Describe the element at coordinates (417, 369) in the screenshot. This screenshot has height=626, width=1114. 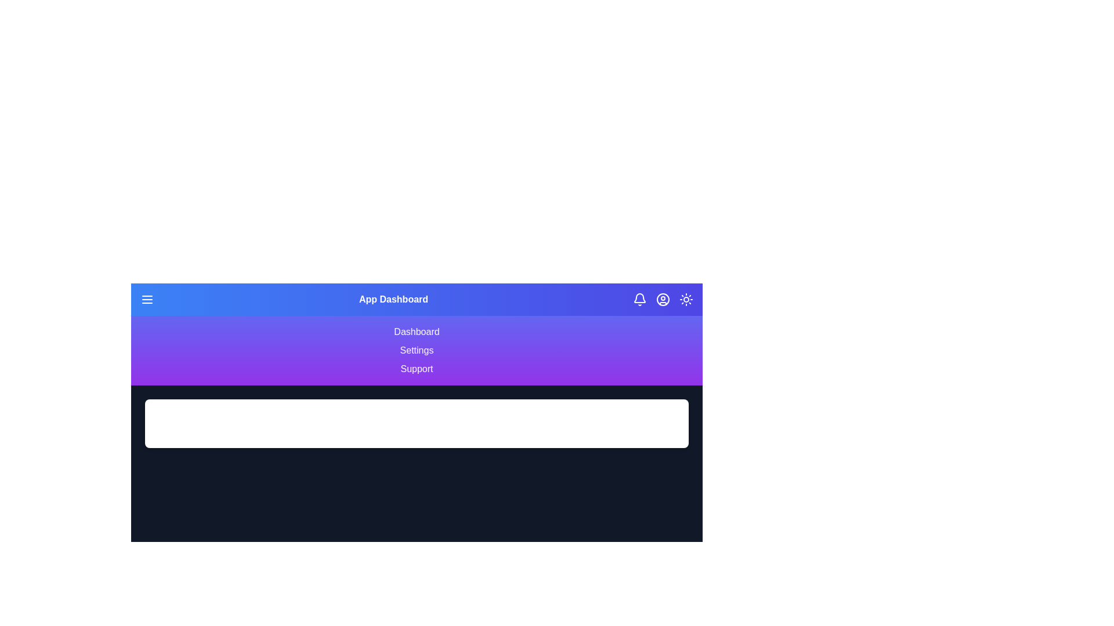
I see `the menu option Support to explore its content` at that location.